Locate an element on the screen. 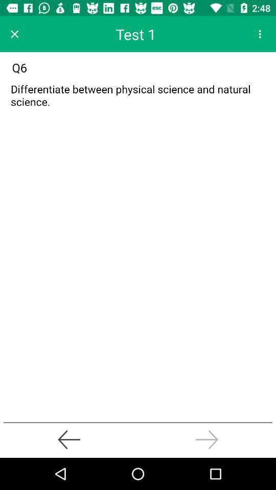 Image resolution: width=276 pixels, height=490 pixels. option is located at coordinates (14, 34).